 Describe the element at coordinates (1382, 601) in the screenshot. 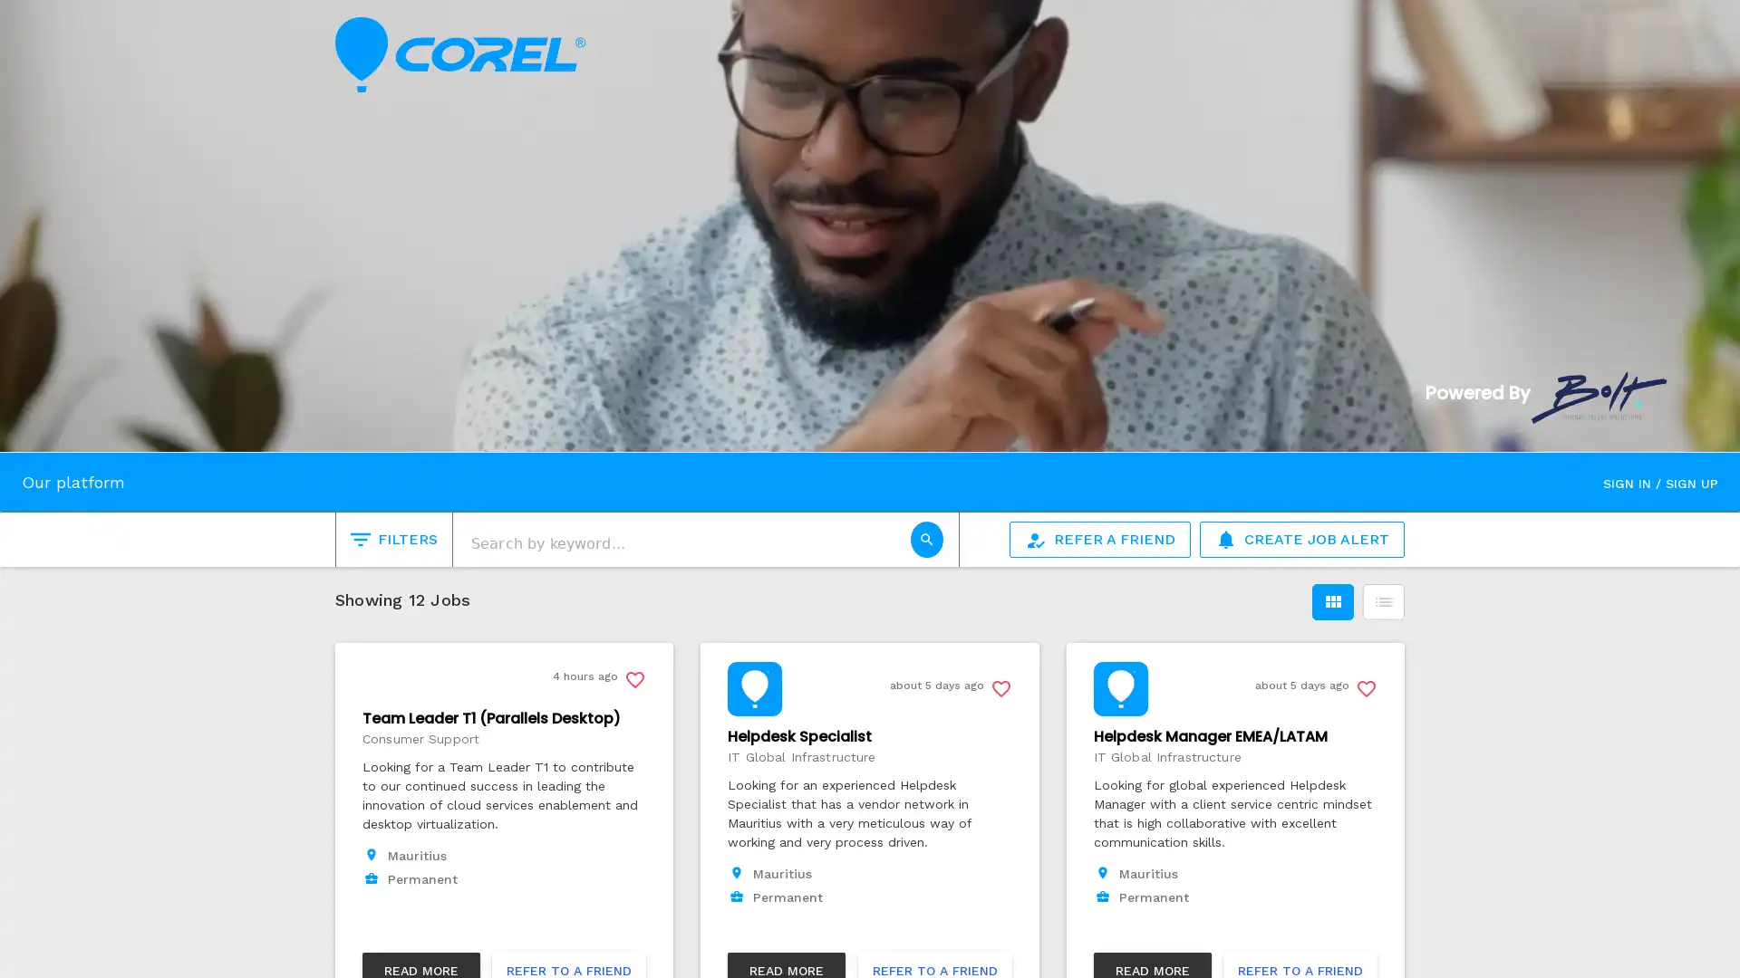

I see `List view` at that location.